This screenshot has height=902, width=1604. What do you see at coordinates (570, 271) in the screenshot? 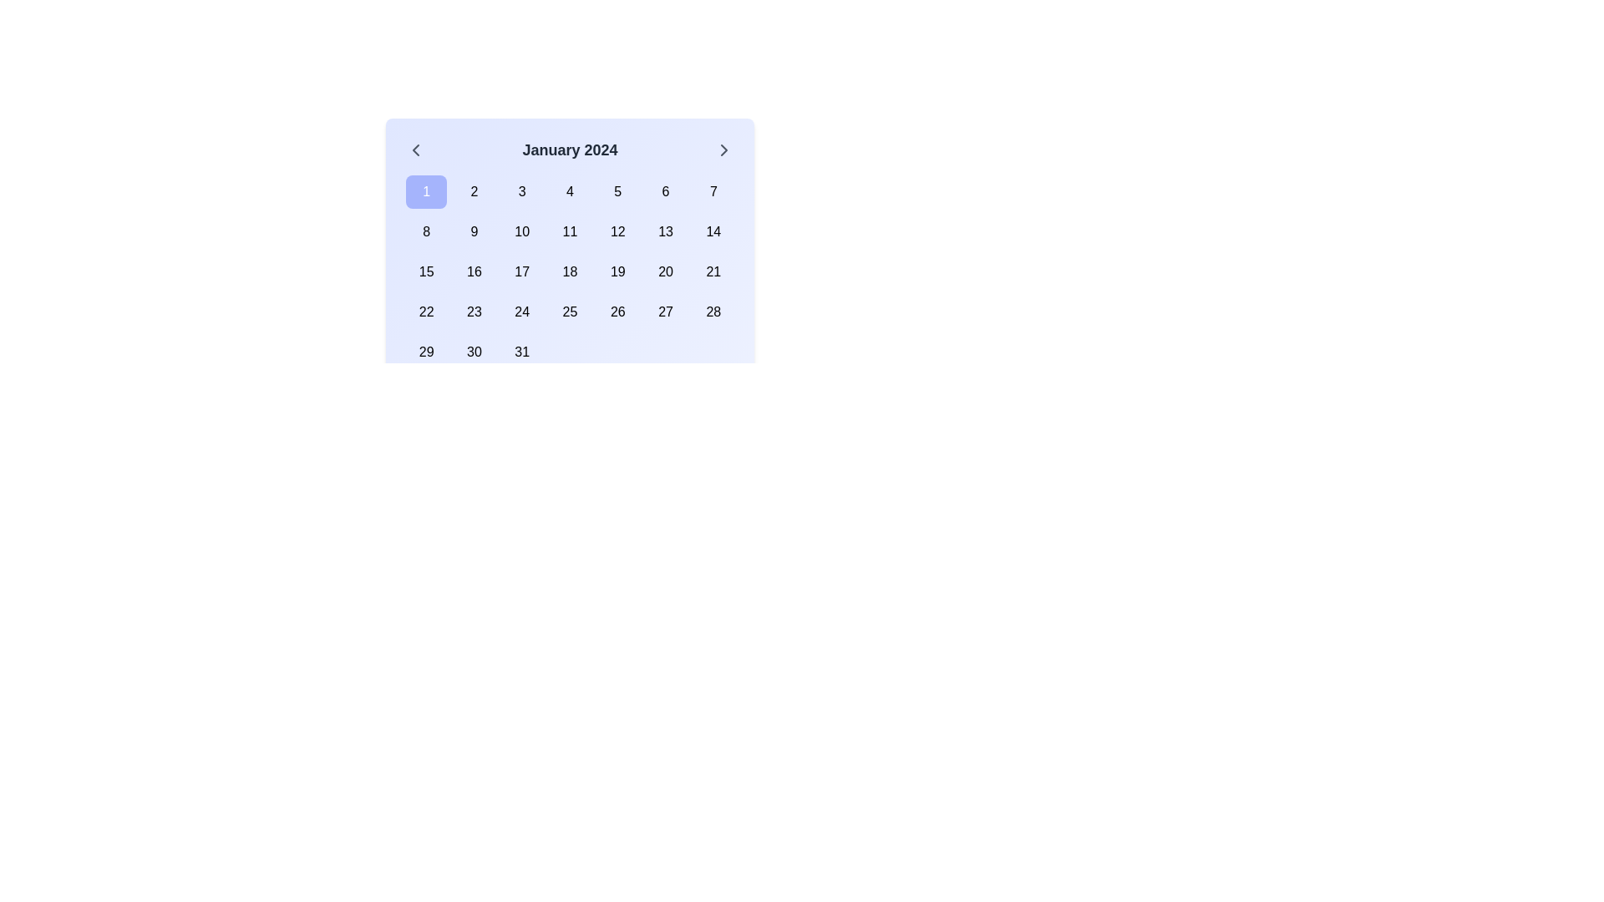
I see `the selectable date button representing January 18, 2024, located in the sixth row and fourth column of the calendar grid` at bounding box center [570, 271].